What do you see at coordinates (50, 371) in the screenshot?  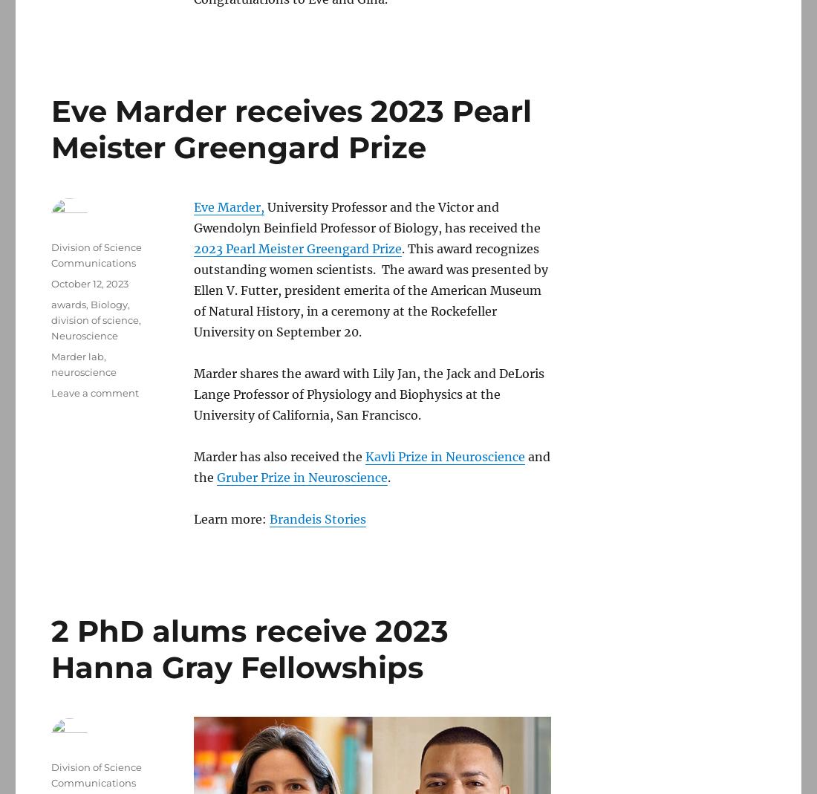 I see `'neuroscience'` at bounding box center [50, 371].